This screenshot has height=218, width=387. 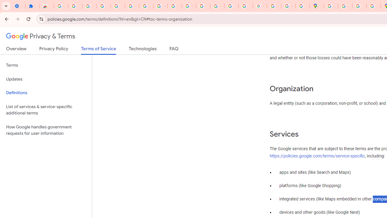 What do you see at coordinates (99, 50) in the screenshot?
I see `'Terms of Service'` at bounding box center [99, 50].